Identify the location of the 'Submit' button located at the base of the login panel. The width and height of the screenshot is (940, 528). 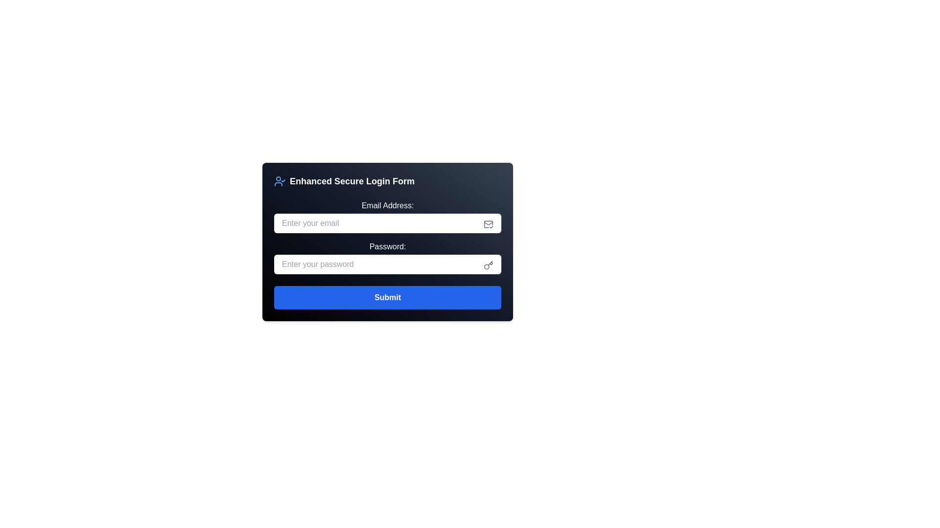
(387, 297).